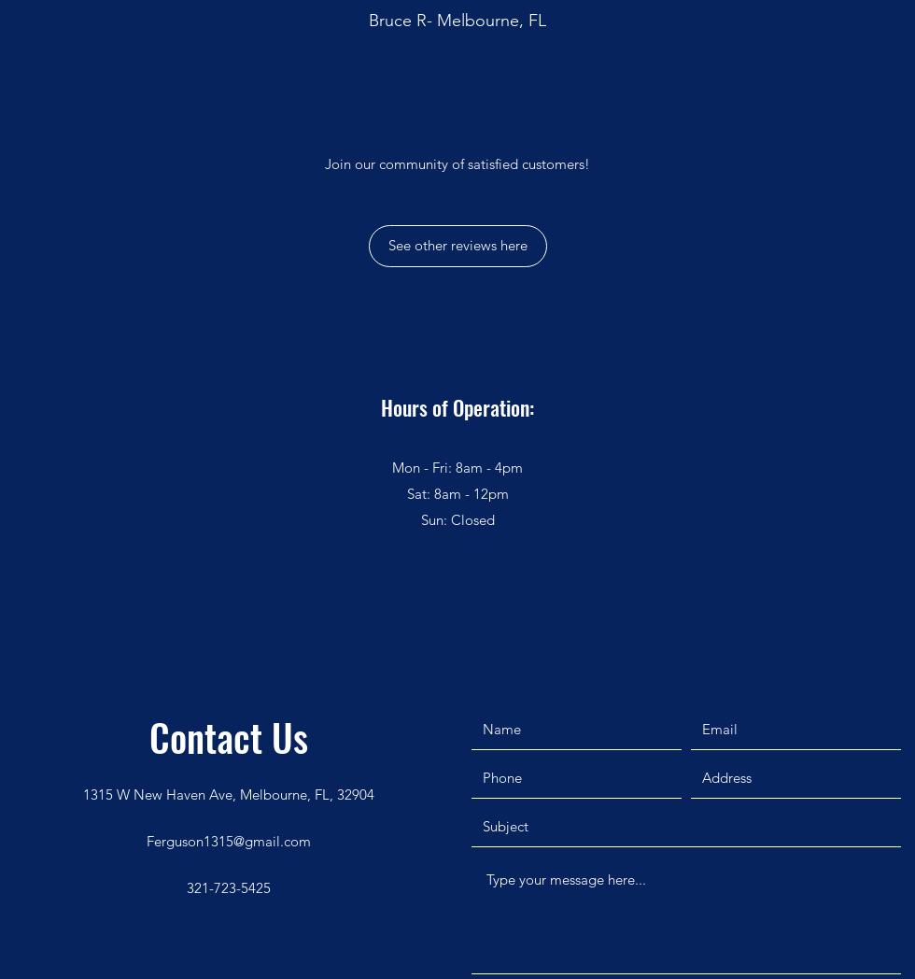 The width and height of the screenshot is (915, 979). Describe the element at coordinates (369, 18) in the screenshot. I see `'Bruce R- Melbourne, FL'` at that location.